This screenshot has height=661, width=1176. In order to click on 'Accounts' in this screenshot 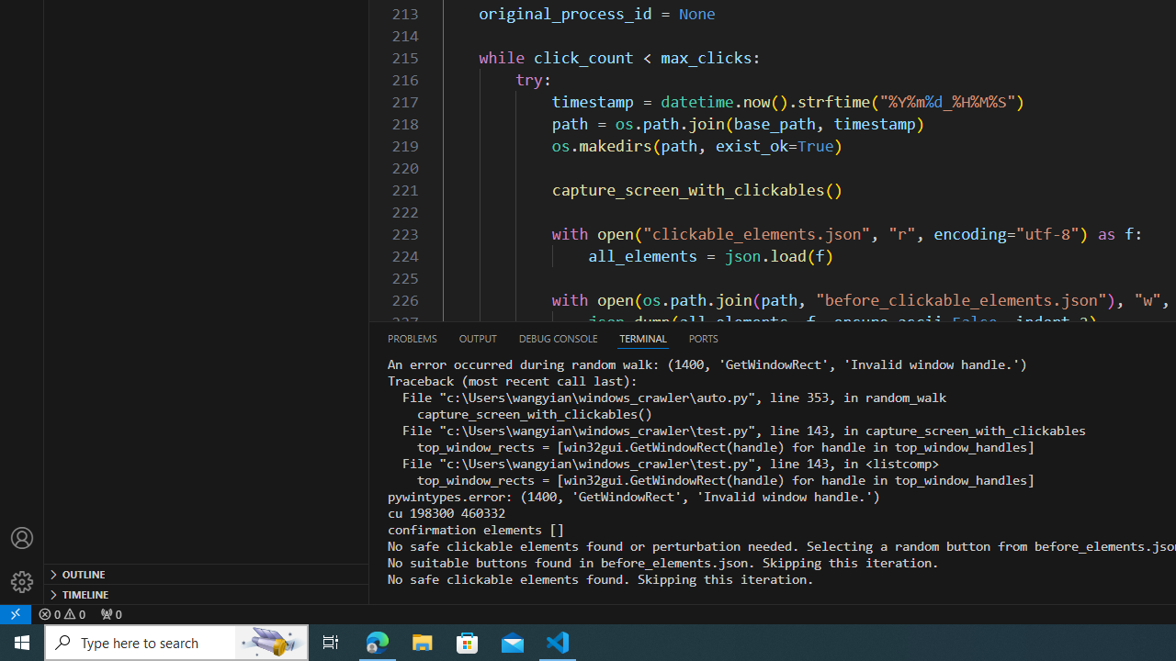, I will do `click(22, 537)`.